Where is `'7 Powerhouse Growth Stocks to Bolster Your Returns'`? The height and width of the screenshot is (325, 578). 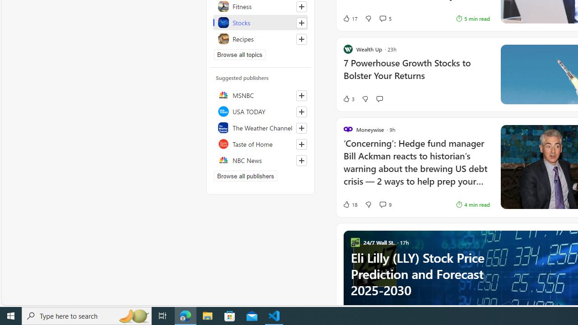
'7 Powerhouse Growth Stocks to Bolster Your Returns' is located at coordinates (416, 74).